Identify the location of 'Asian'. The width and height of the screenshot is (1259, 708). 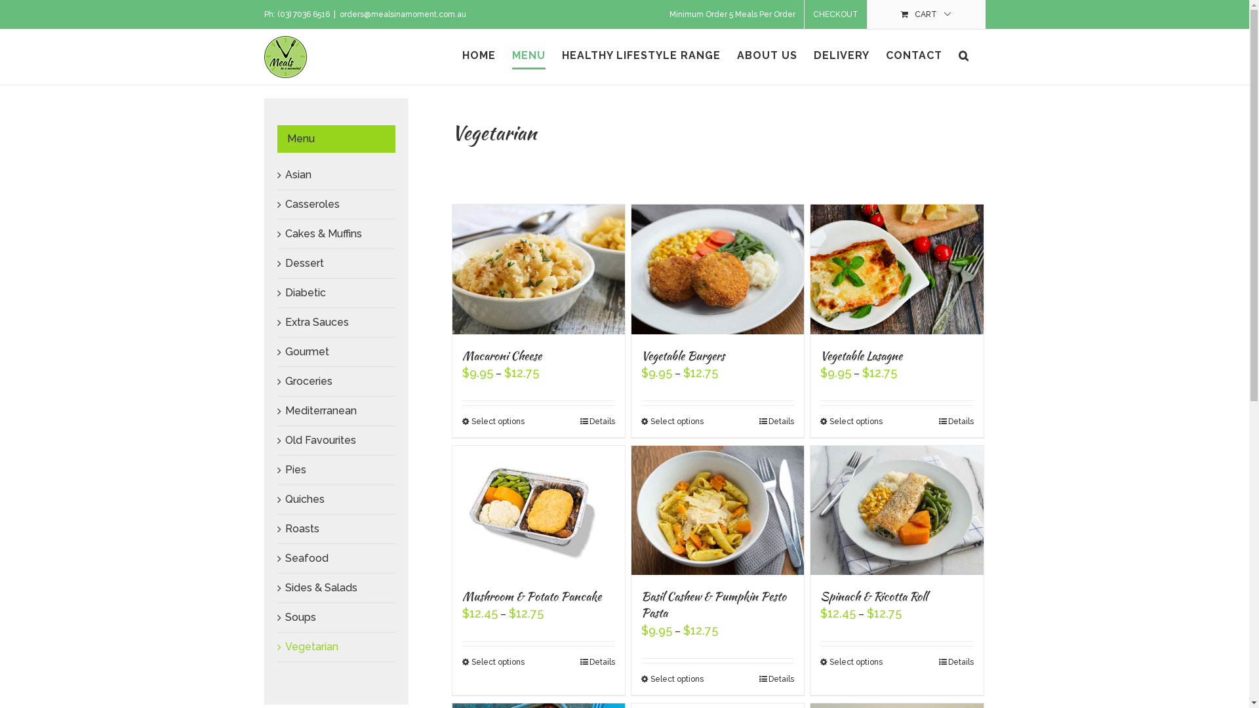
(297, 174).